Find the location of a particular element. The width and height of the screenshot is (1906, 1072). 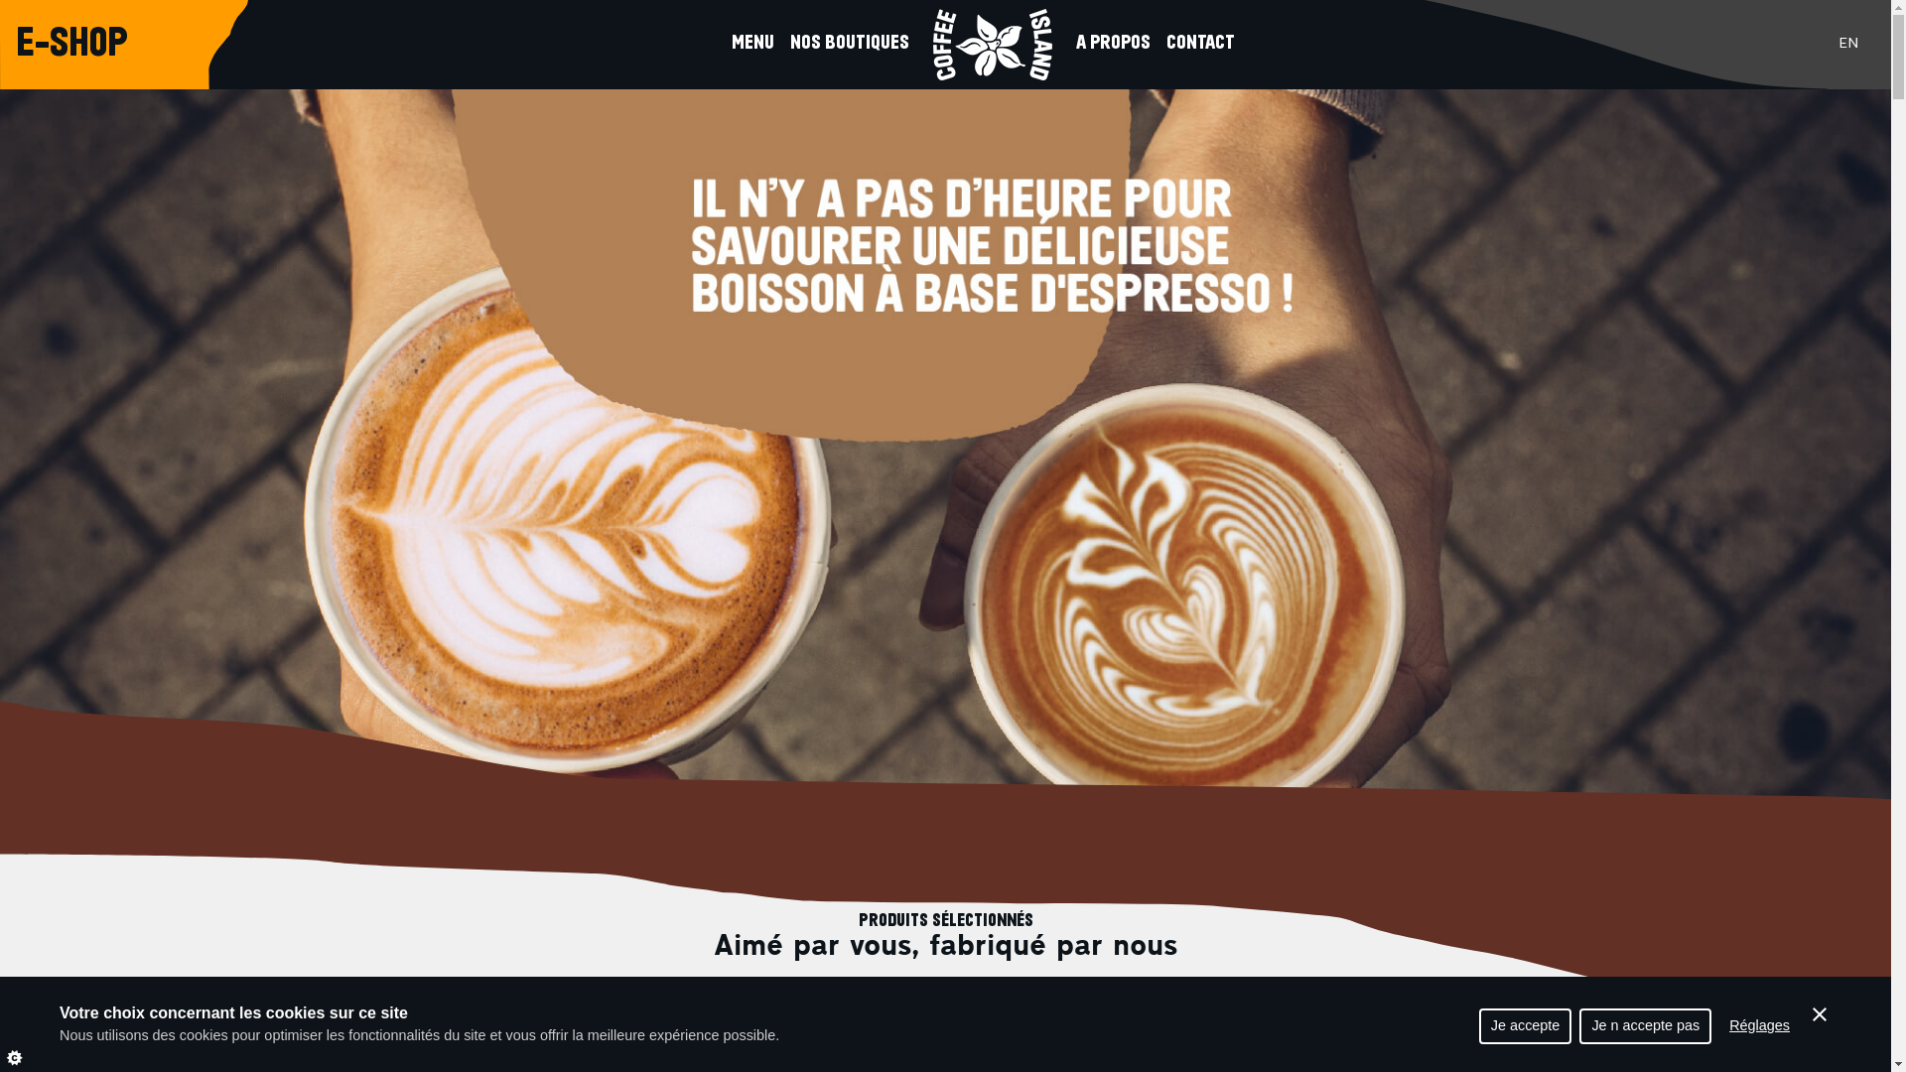

'MENU' is located at coordinates (751, 45).